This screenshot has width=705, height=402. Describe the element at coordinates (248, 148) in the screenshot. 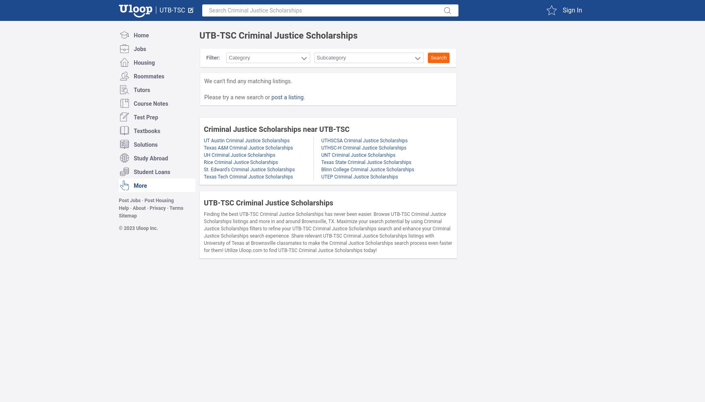

I see `'Texas A&M Criminal Justice Scholarships'` at that location.